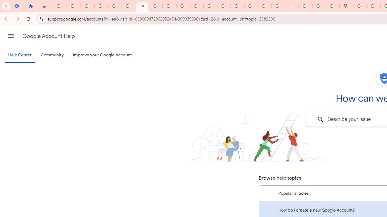  Describe the element at coordinates (87, 6) in the screenshot. I see `'Learn how to find your photos - Google Photos Help'` at that location.